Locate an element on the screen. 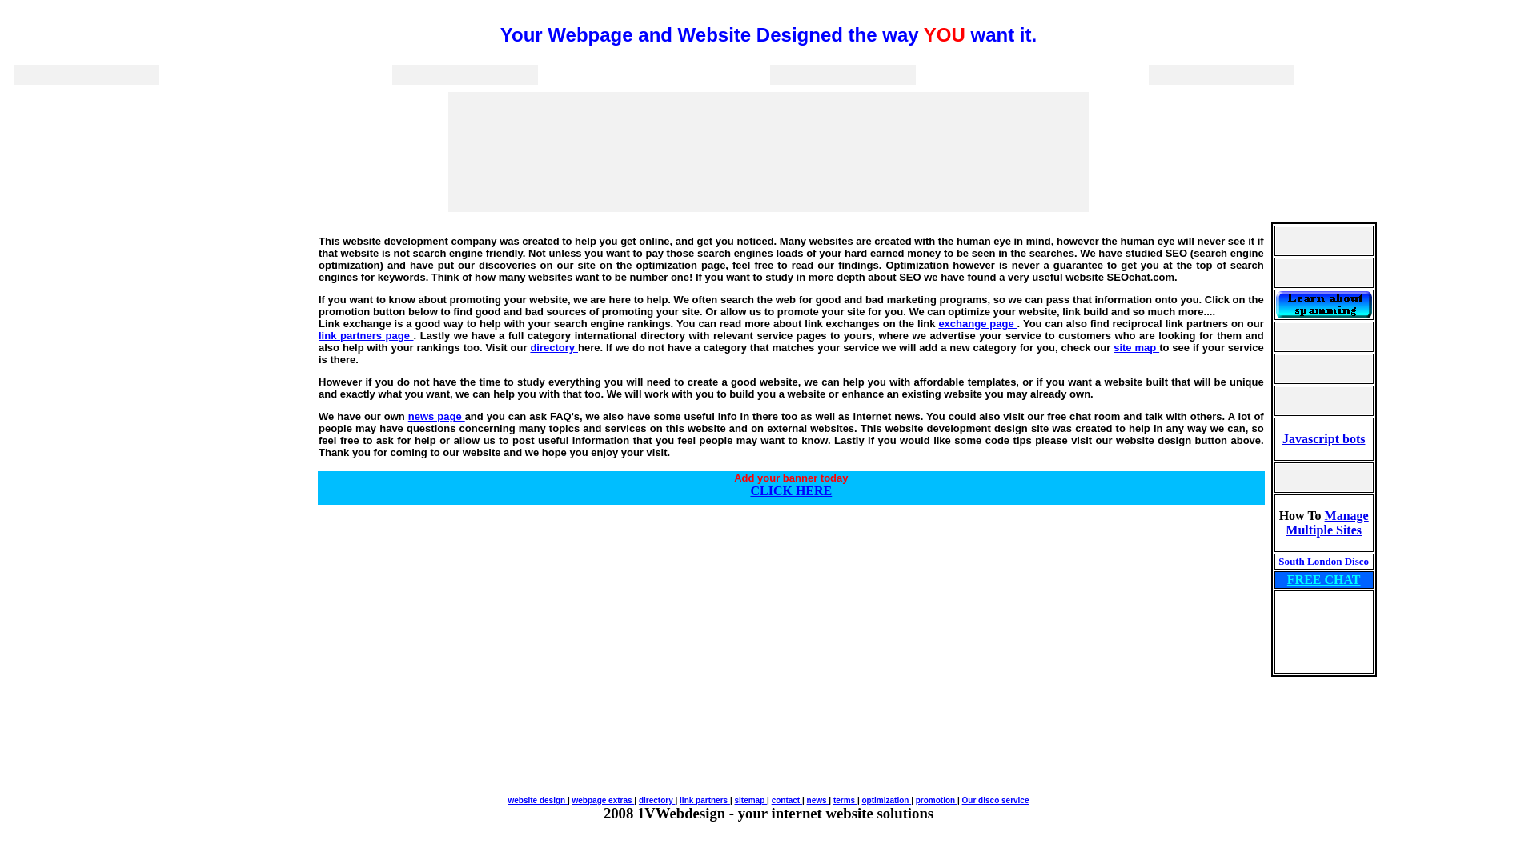 This screenshot has width=1537, height=864. 'Our disco service' is located at coordinates (994, 800).